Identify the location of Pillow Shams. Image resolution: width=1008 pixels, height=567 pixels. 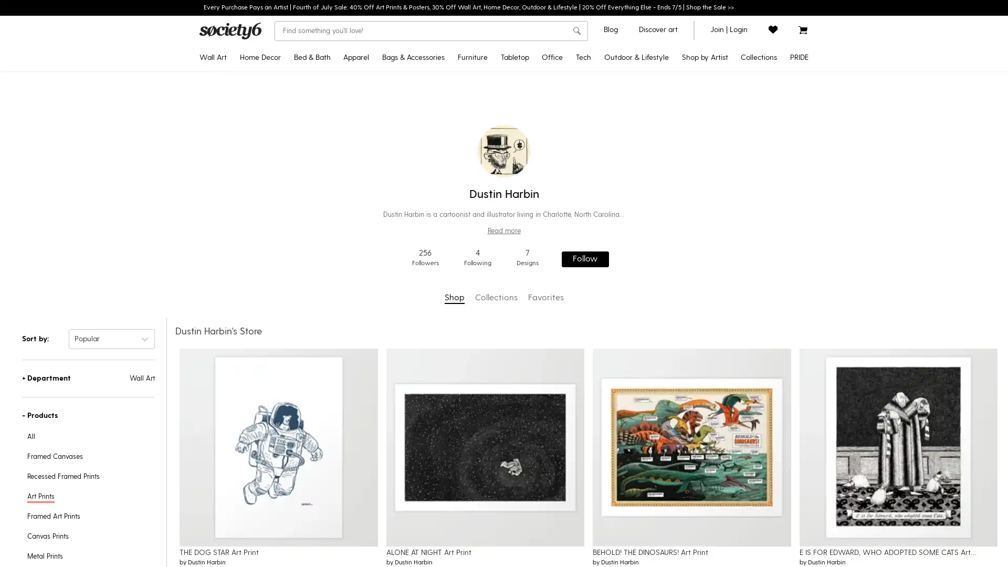
(334, 118).